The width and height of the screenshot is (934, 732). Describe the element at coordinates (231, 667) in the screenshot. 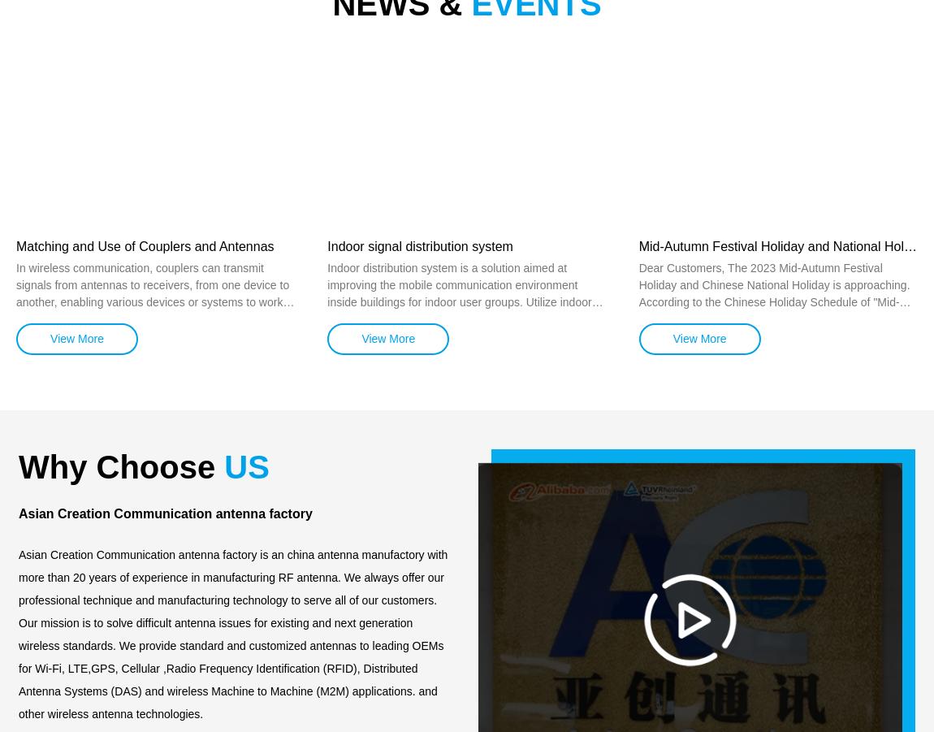

I see `'Our mission is to solve difficult antenna issues for existing and next generation wireless standards. We provide standard and customized antennas to leading OEMs  for Wi-Fi, LTE,GPS, Cellular ,Radio Frequency Identification (RFID), Distributed Antenna Systems (DAS) and wireless Machine to Machine (M2M) applications. and other wireless antenna technologies.'` at that location.